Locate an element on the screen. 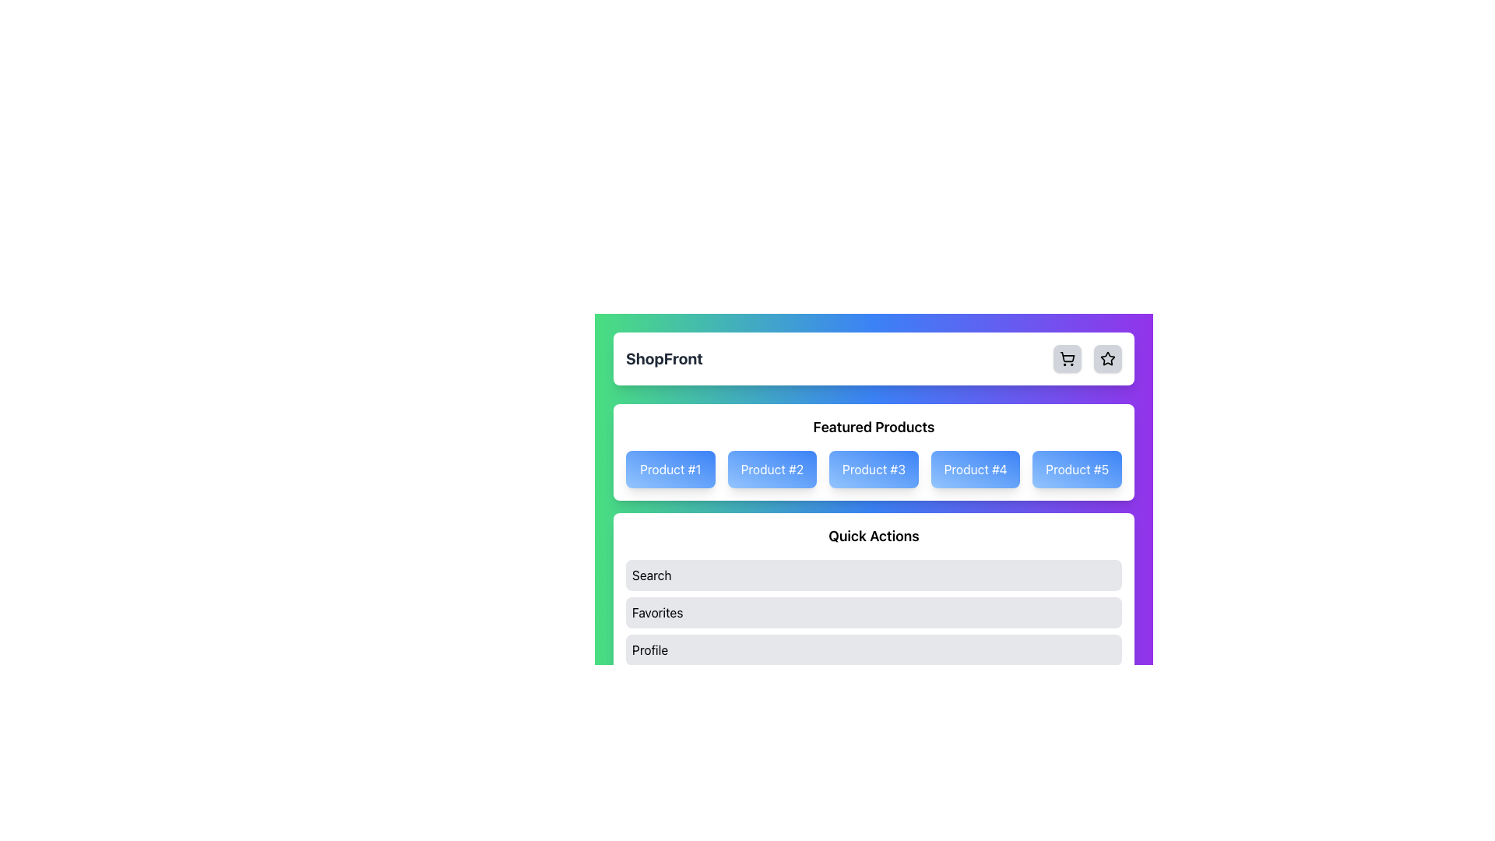 The image size is (1495, 841). the 'Quick Actions' header text that categorizes the options 'Search', 'Favorites', and 'Profile' below it is located at coordinates (874, 536).